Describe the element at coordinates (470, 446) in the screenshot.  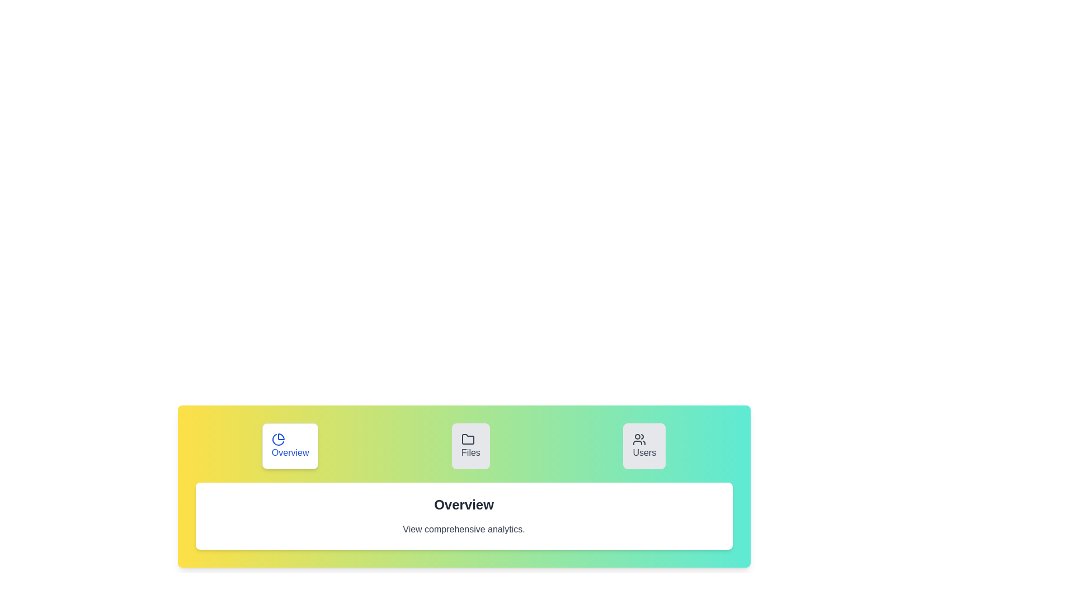
I see `the Files tab` at that location.